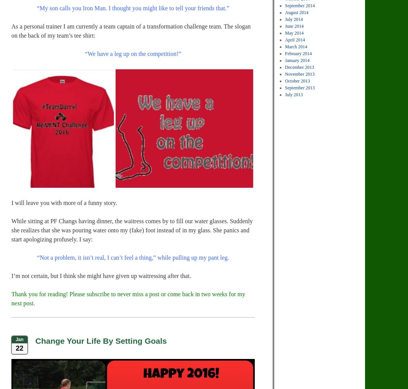 This screenshot has height=389, width=408. Describe the element at coordinates (100, 341) in the screenshot. I see `'Change Your Life By Setting Goals'` at that location.